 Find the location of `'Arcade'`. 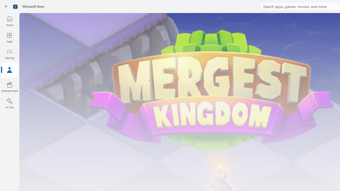

'Arcade' is located at coordinates (9, 70).